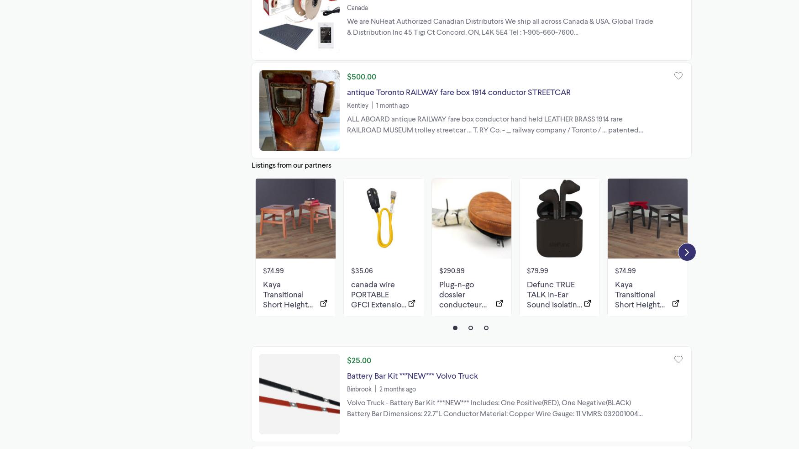  Describe the element at coordinates (347, 7) in the screenshot. I see `'Canada'` at that location.